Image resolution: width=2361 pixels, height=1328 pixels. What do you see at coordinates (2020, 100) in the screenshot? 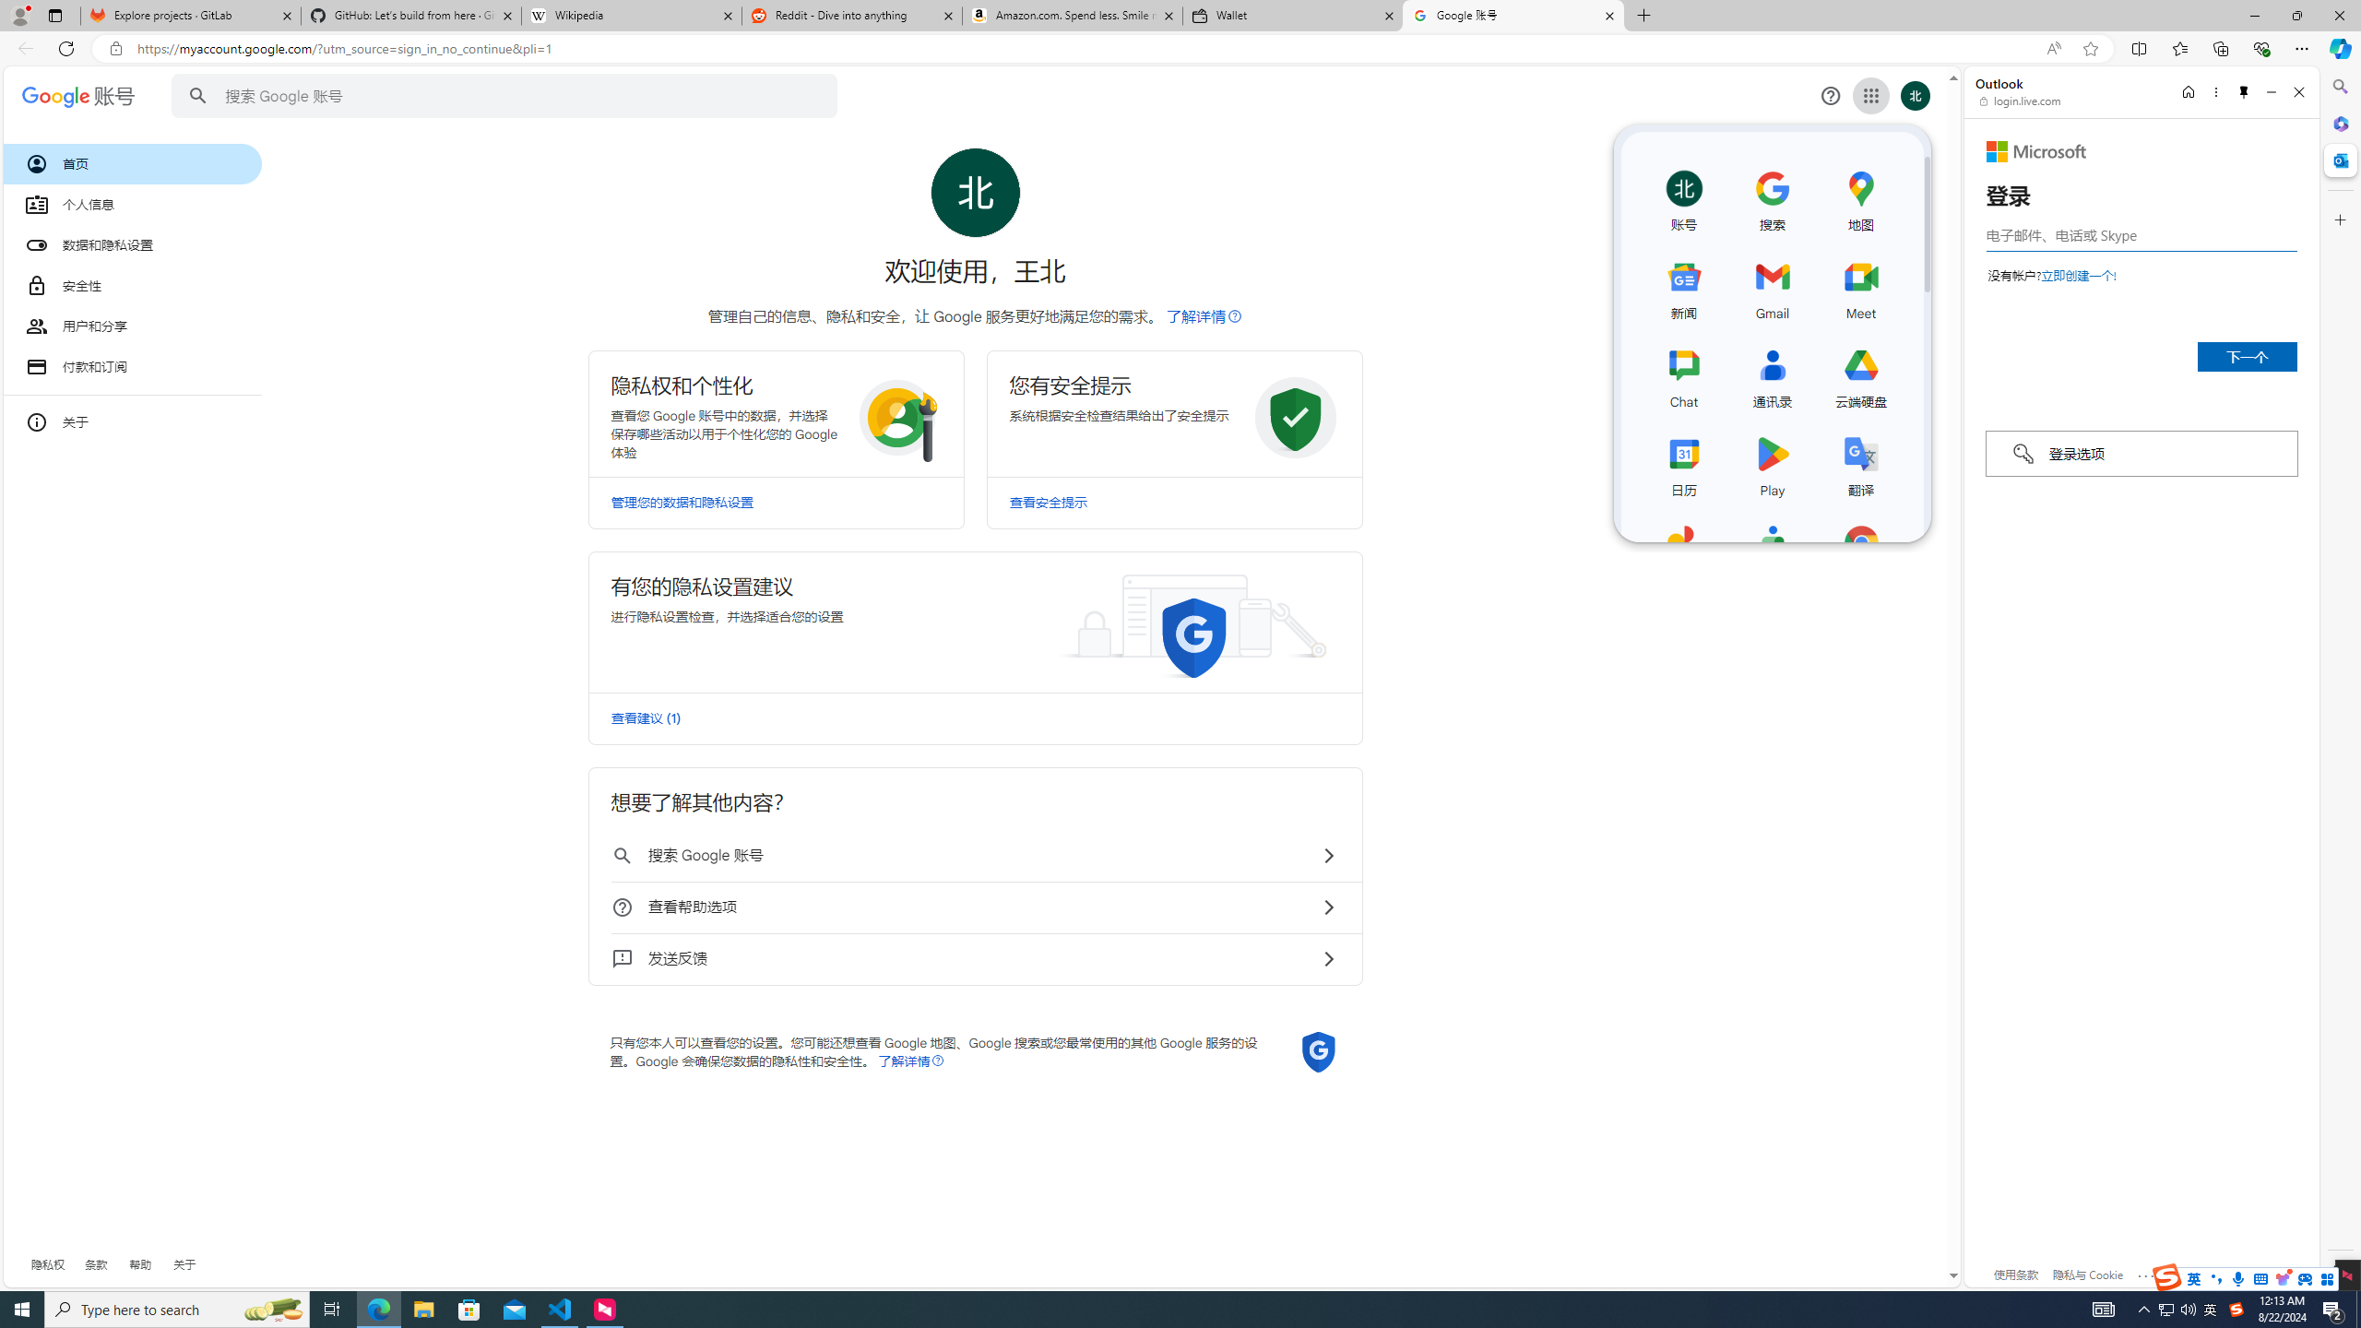
I see `'login.live.com'` at bounding box center [2020, 100].